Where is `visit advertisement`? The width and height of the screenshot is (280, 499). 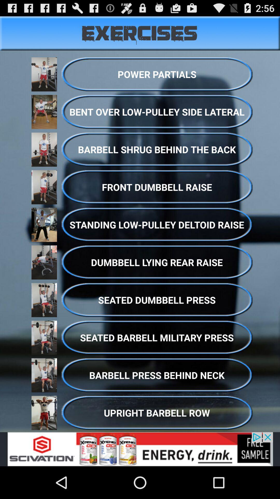 visit advertisement is located at coordinates (140, 449).